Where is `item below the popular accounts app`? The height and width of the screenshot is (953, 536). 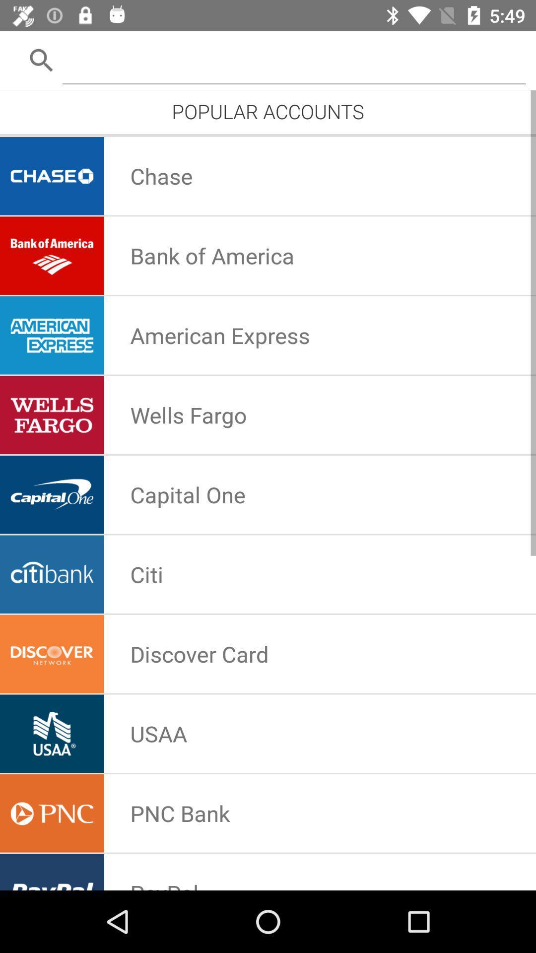 item below the popular accounts app is located at coordinates (268, 134).